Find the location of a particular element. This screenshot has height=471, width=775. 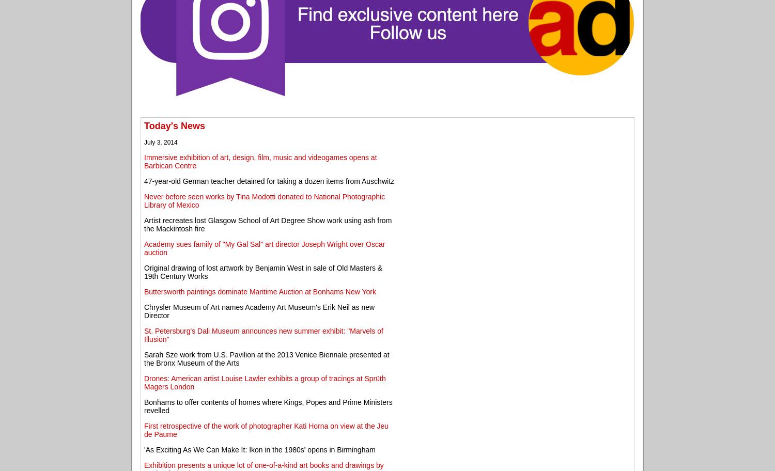

'Drones: American artist Louise Lawler exhibits a group of tracings at Sprüth Magers London' is located at coordinates (144, 381).